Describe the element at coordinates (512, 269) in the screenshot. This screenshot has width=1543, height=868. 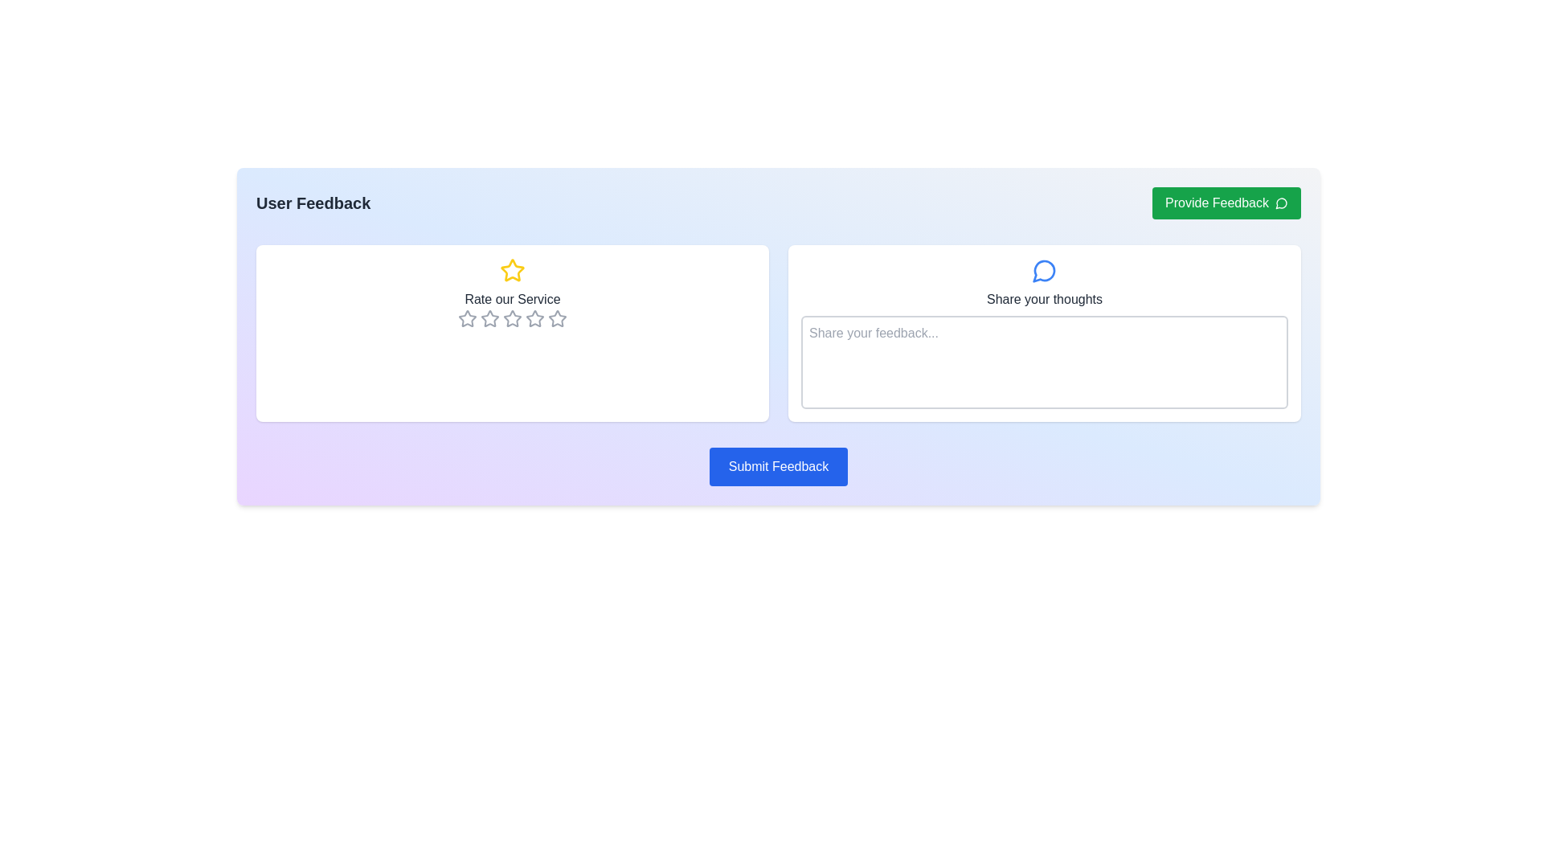
I see `the star-shaped icon with a yellow fill and a white center located near the top-middle of the 'Rate our Service' section, above the row of interactive rating stars` at that location.